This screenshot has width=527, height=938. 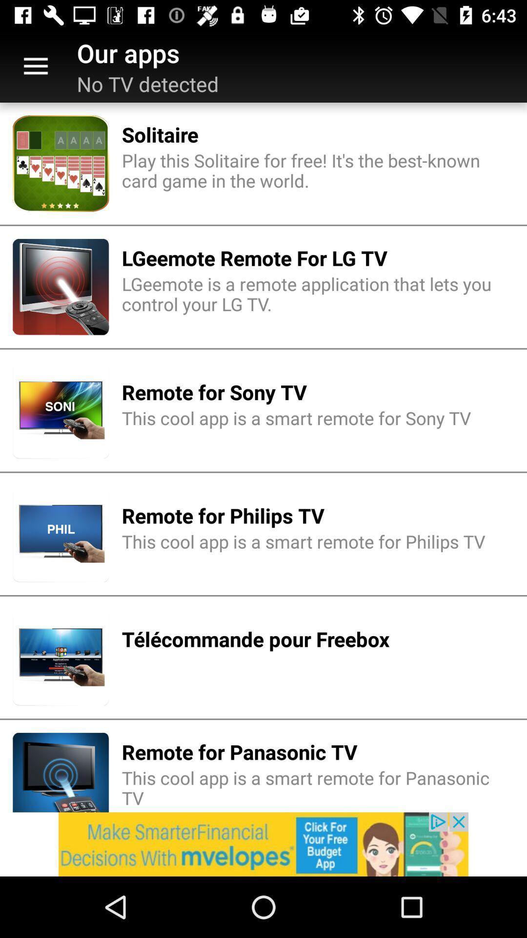 What do you see at coordinates (263, 844) in the screenshot?
I see `advertisement link` at bounding box center [263, 844].